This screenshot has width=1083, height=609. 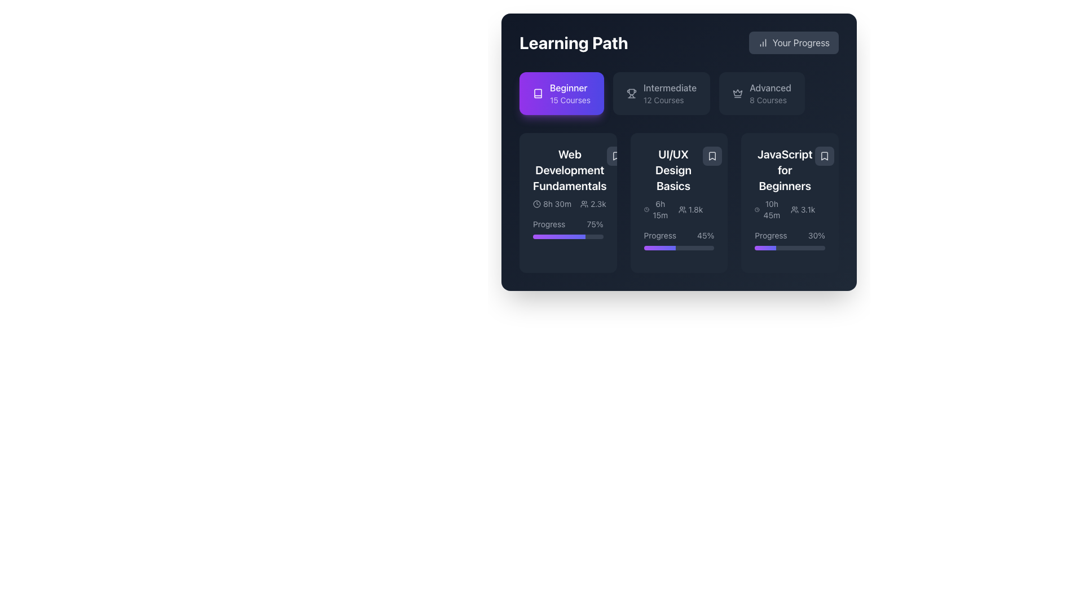 What do you see at coordinates (816, 235) in the screenshot?
I see `the static text label displaying '30%' which indicates the progress completion percentage of the JavaScript for Beginners course, located at the bottom of the course card` at bounding box center [816, 235].